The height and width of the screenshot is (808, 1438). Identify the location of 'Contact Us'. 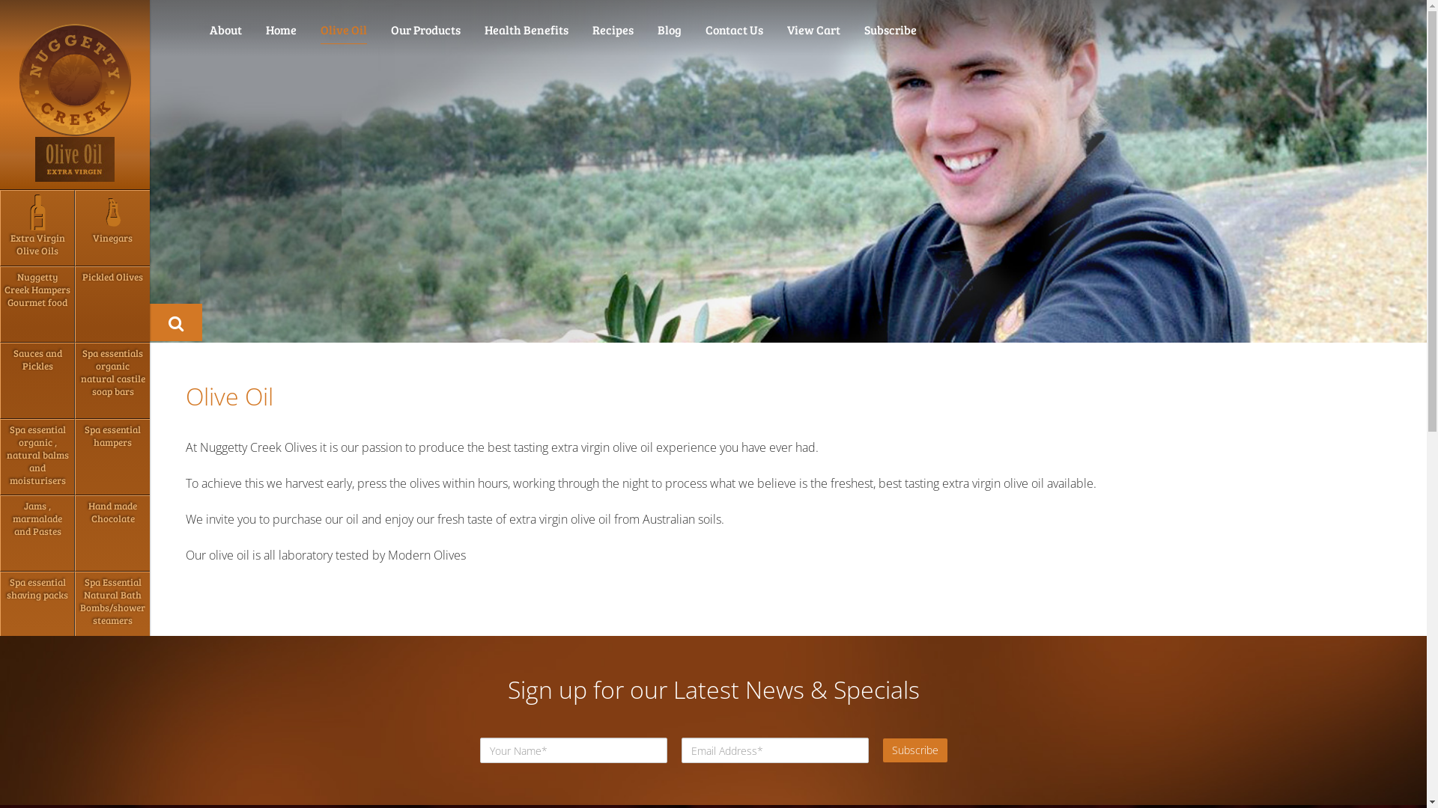
(734, 29).